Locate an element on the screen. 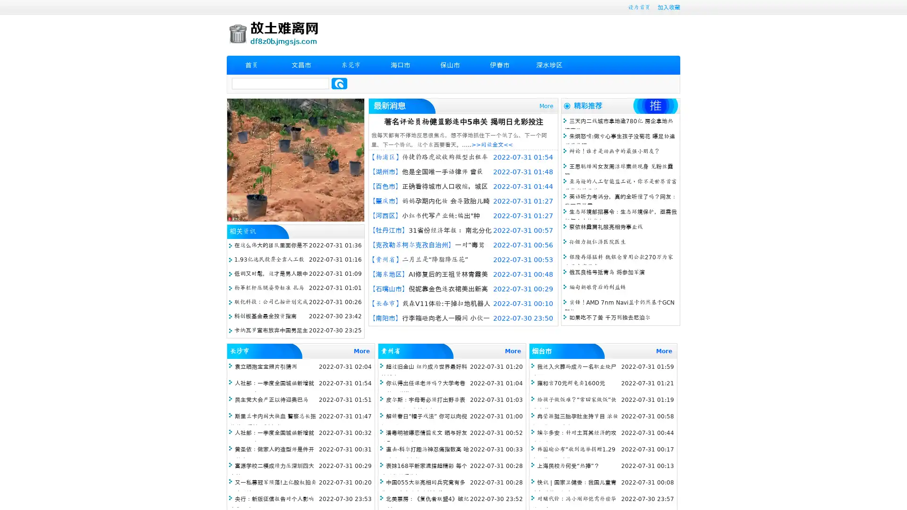 The height and width of the screenshot is (510, 907). Search is located at coordinates (339, 83).